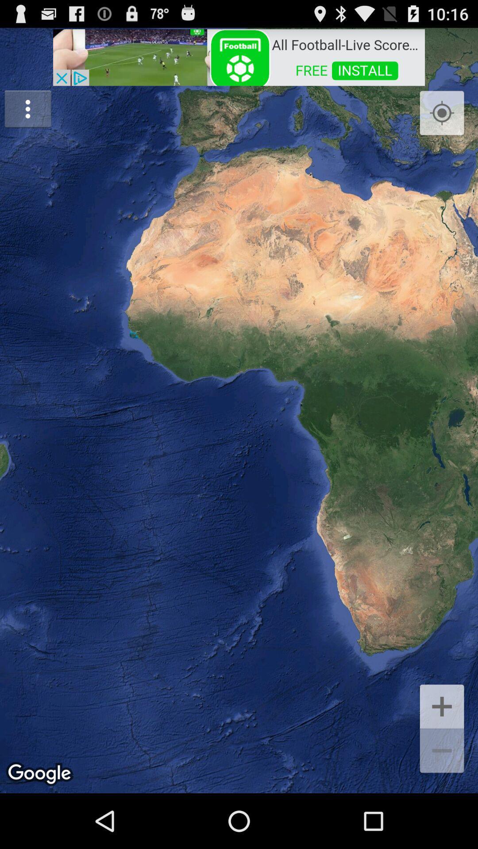 This screenshot has height=849, width=478. Describe the element at coordinates (442, 805) in the screenshot. I see `the zoom_out icon` at that location.